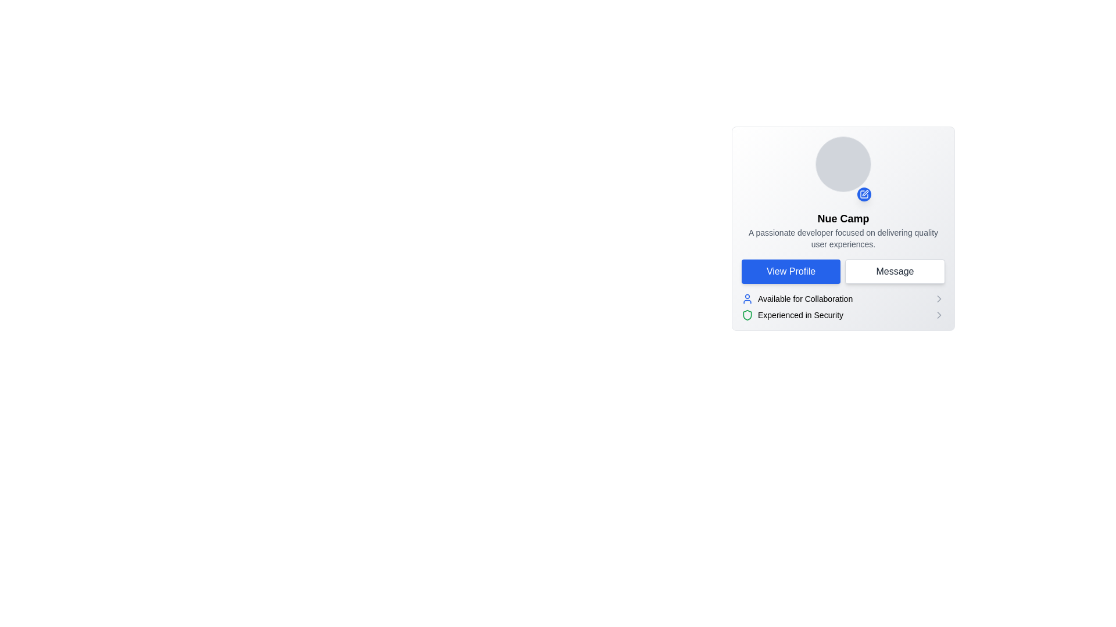 This screenshot has height=627, width=1116. What do you see at coordinates (747, 315) in the screenshot?
I see `the security icon located near the bottom of the card-like section adjacent to the text 'Experienced in Security'` at bounding box center [747, 315].